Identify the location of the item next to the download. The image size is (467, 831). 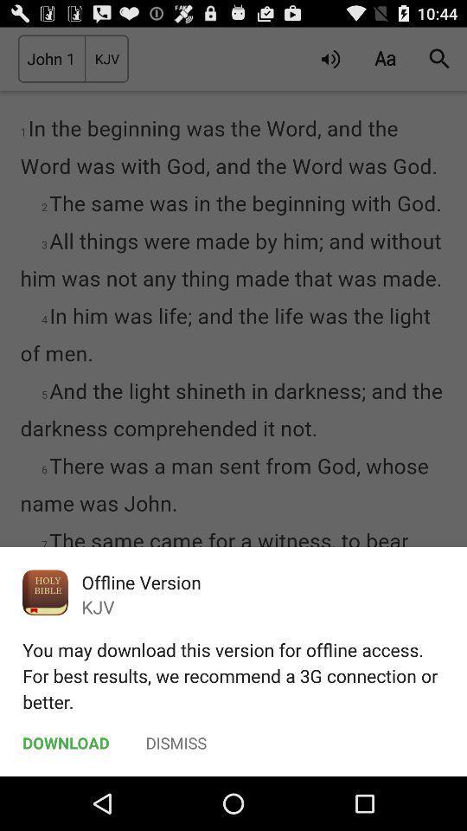
(176, 742).